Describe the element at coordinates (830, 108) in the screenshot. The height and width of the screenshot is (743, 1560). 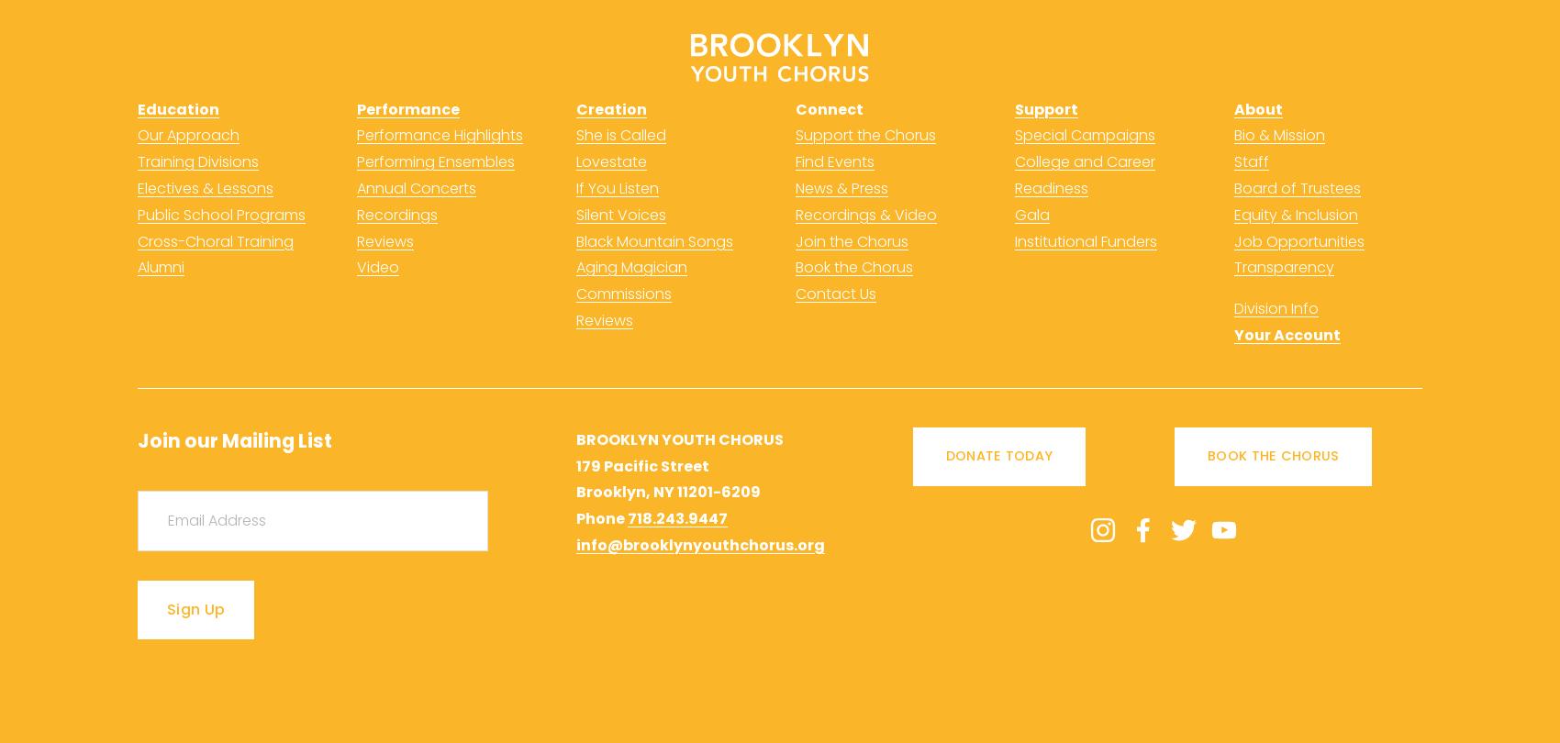
I see `'Connect'` at that location.